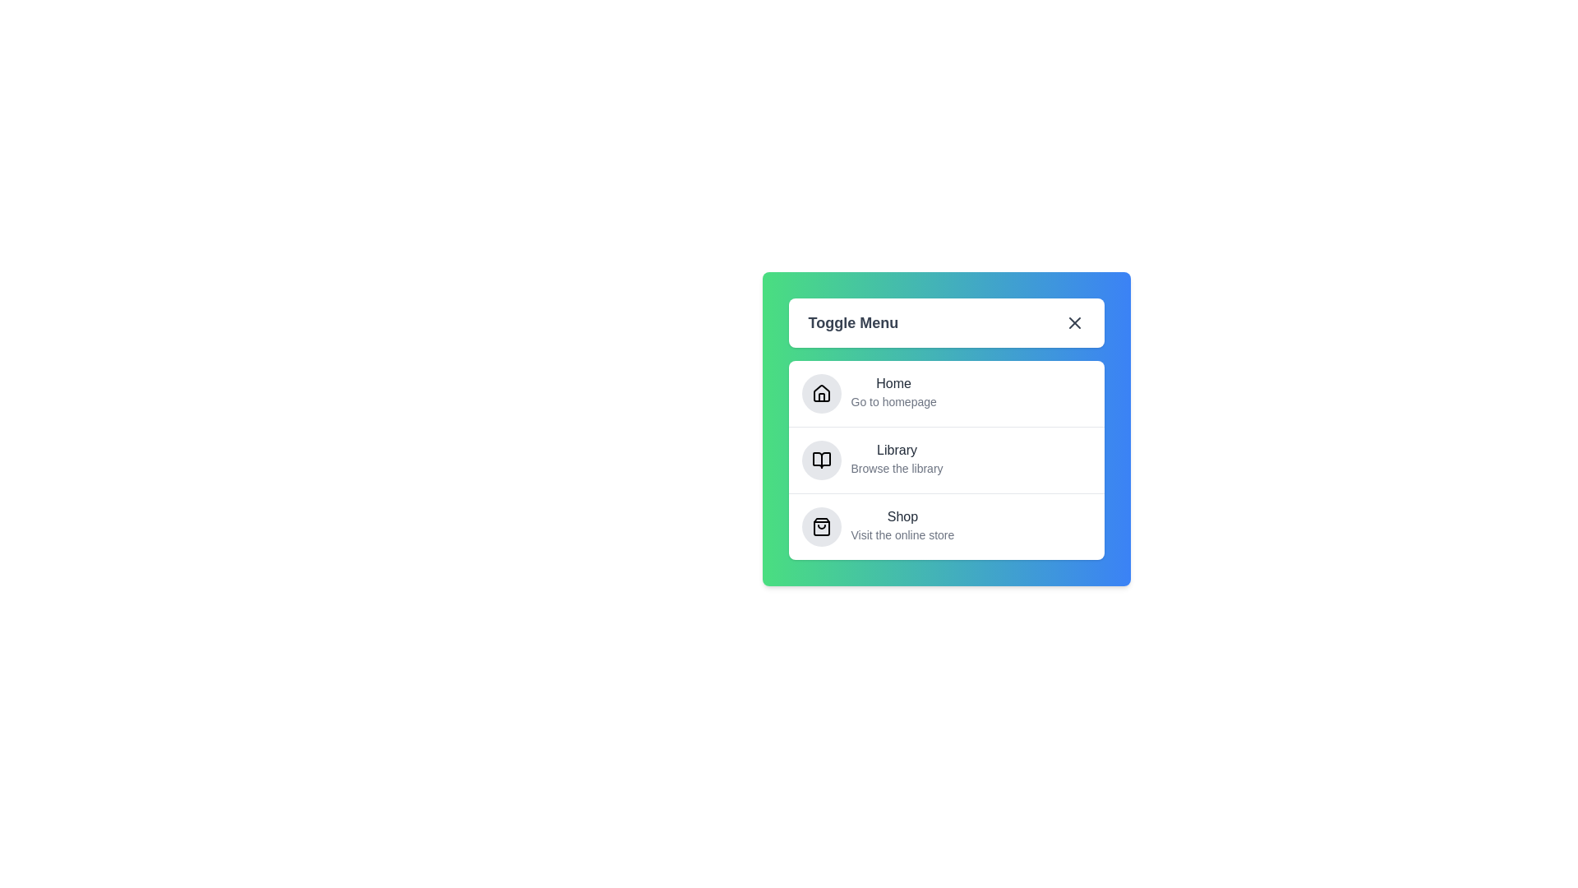 The height and width of the screenshot is (888, 1578). What do you see at coordinates (821, 460) in the screenshot?
I see `the icon corresponding to Library in the menu` at bounding box center [821, 460].